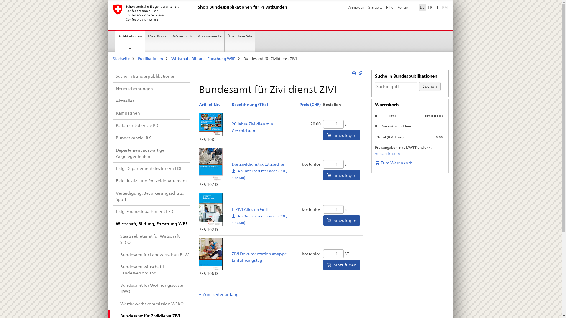 The image size is (566, 318). I want to click on 'Anmelden', so click(356, 7).